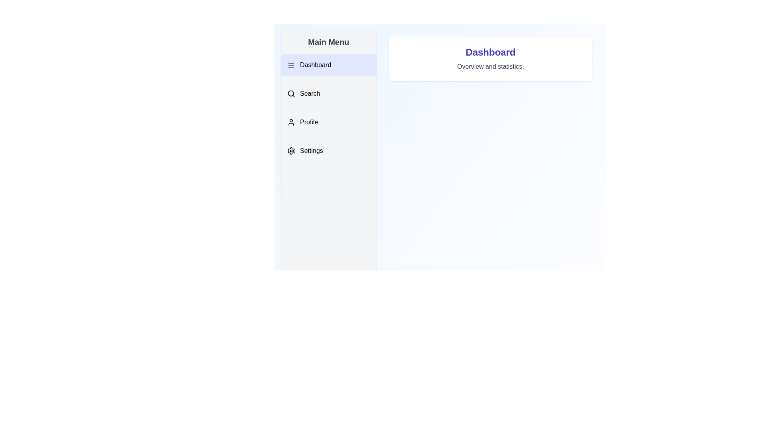 This screenshot has width=764, height=429. What do you see at coordinates (328, 65) in the screenshot?
I see `the menu item Dashboard to display its associated content` at bounding box center [328, 65].